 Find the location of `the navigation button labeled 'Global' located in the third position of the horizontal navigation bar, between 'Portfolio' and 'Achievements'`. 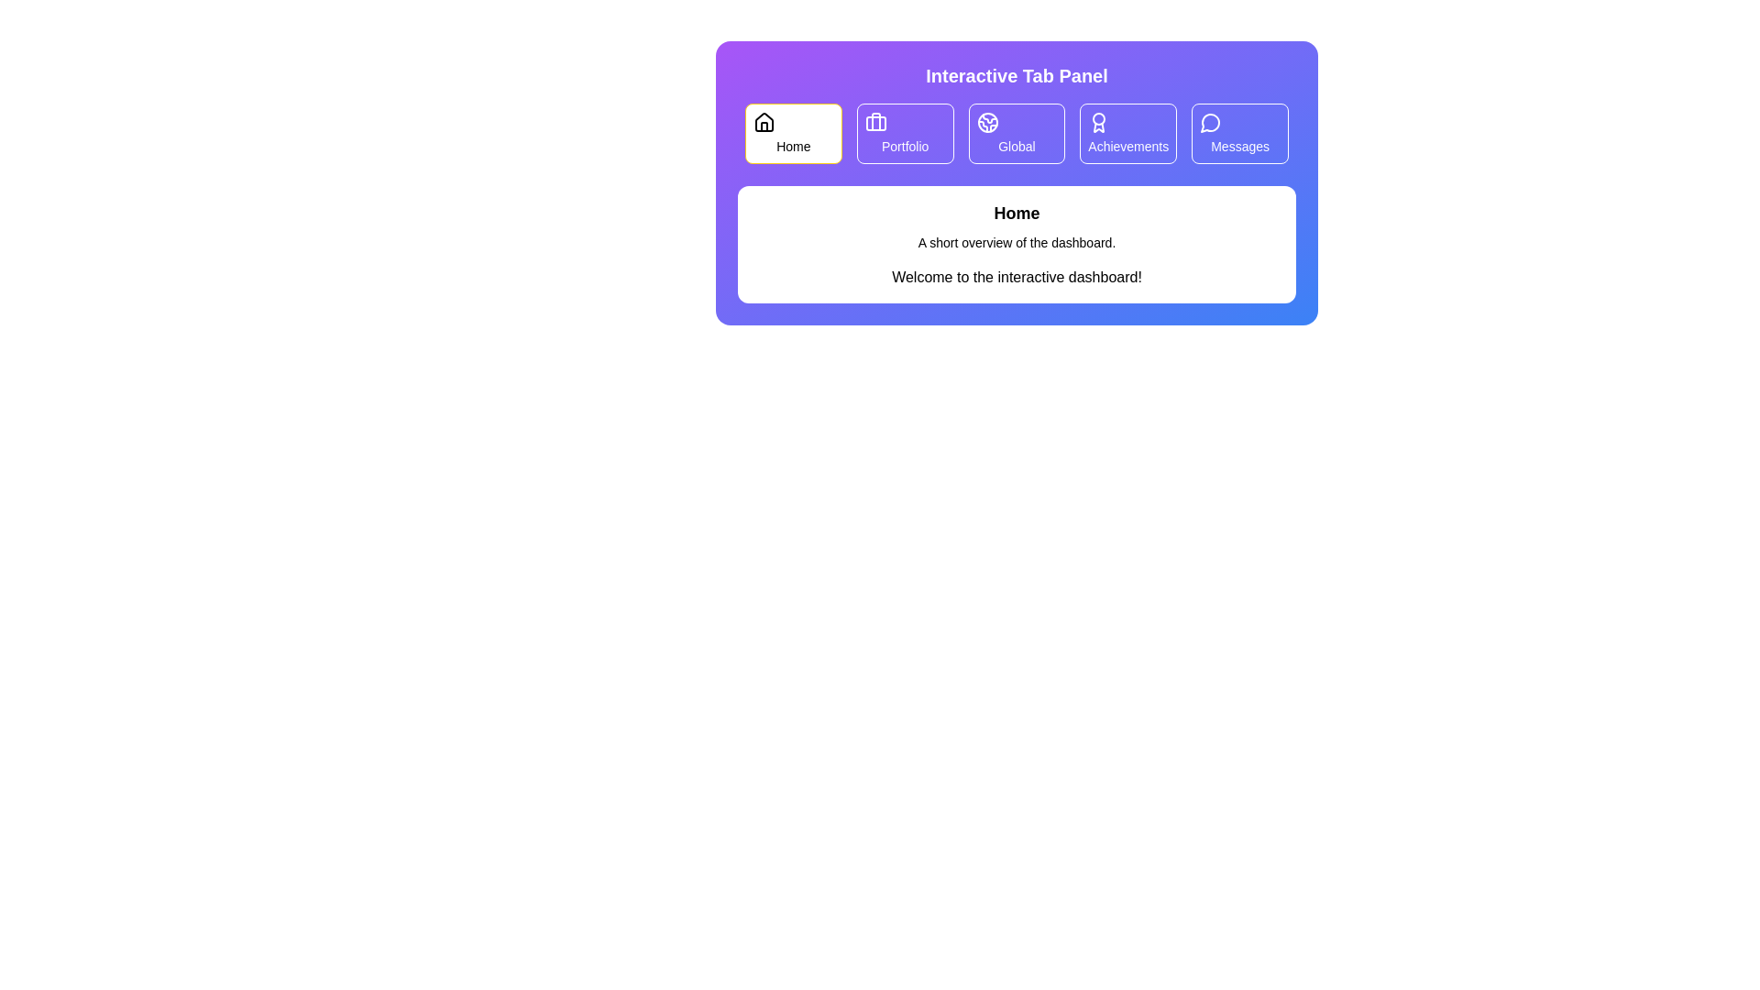

the navigation button labeled 'Global' located in the third position of the horizontal navigation bar, between 'Portfolio' and 'Achievements' is located at coordinates (1016, 133).